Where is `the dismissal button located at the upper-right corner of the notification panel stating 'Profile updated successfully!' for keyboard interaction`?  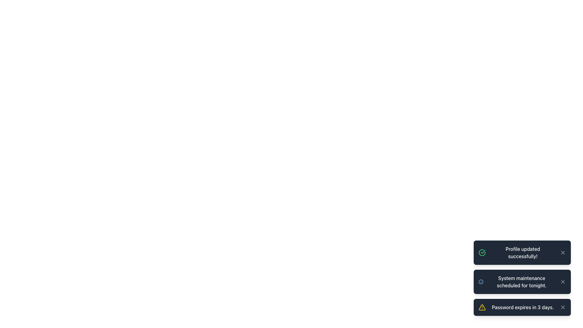
the dismissal button located at the upper-right corner of the notification panel stating 'Profile updated successfully!' for keyboard interaction is located at coordinates (562, 253).